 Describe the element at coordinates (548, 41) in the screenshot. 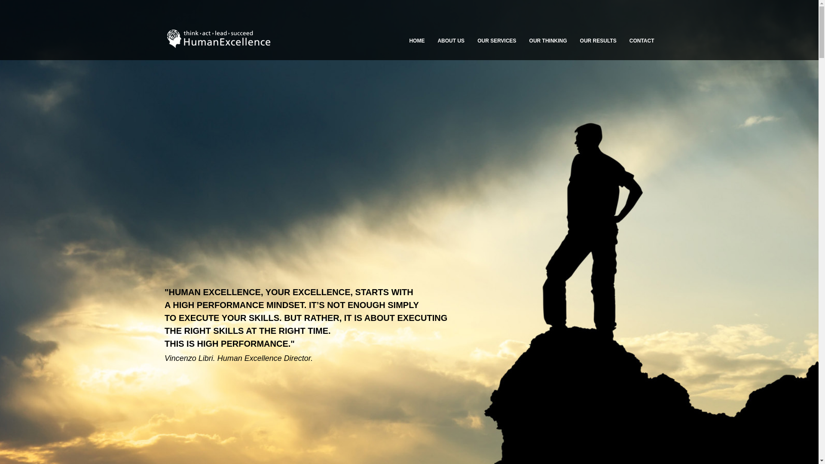

I see `'OUR THINKING'` at that location.